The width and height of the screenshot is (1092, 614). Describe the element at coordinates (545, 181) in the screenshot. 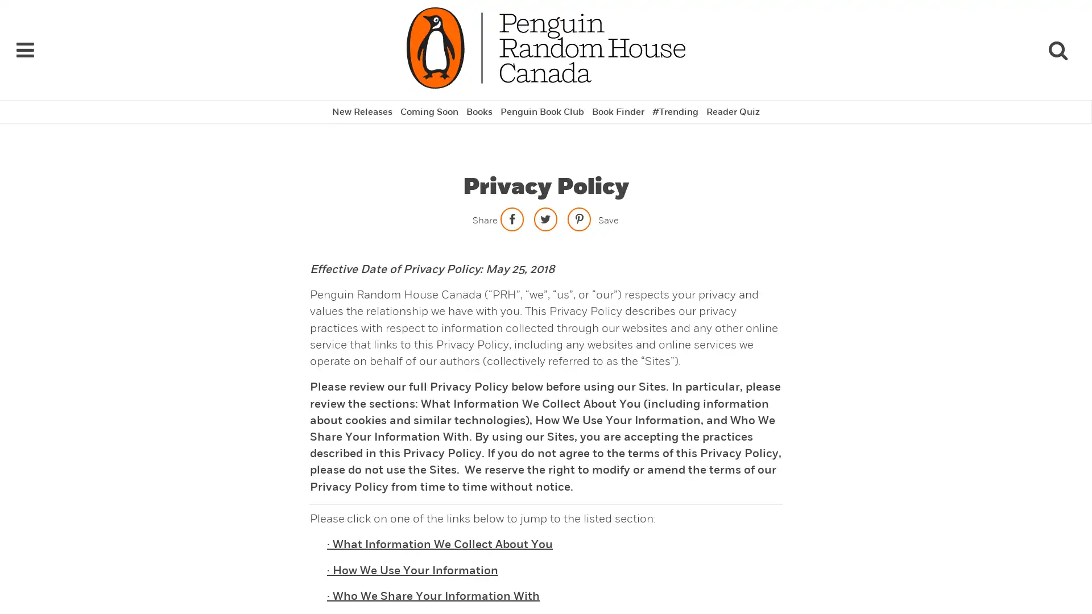

I see `Share on twitter` at that location.